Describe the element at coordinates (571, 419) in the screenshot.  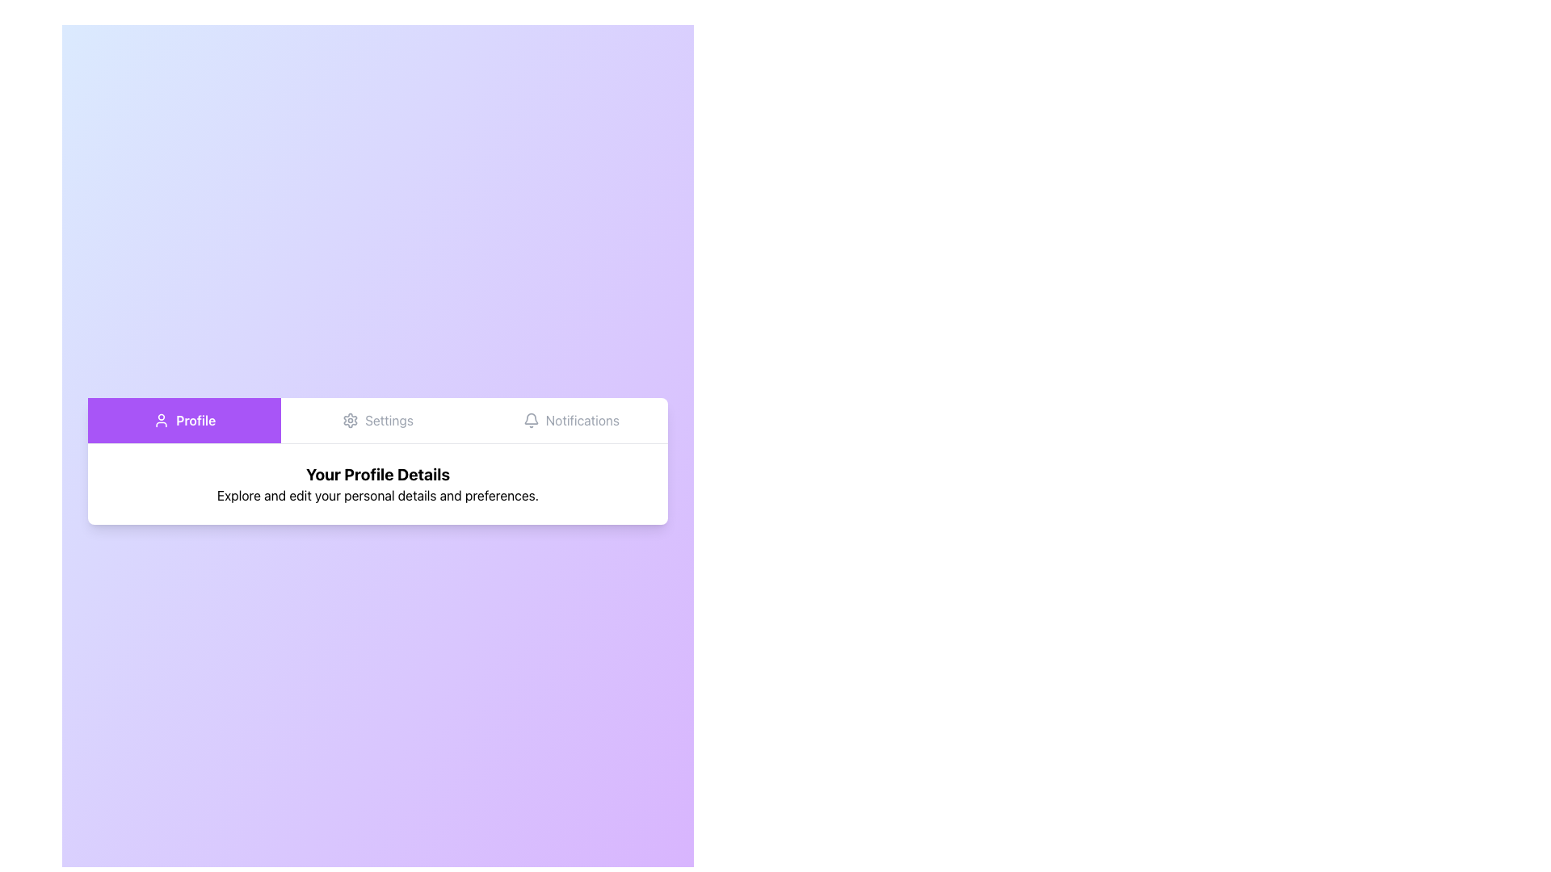
I see `the navigation button located in the rightmost section of the horizontal navigation bar, following the 'Settings' button, to redirect users to the notifications page` at that location.